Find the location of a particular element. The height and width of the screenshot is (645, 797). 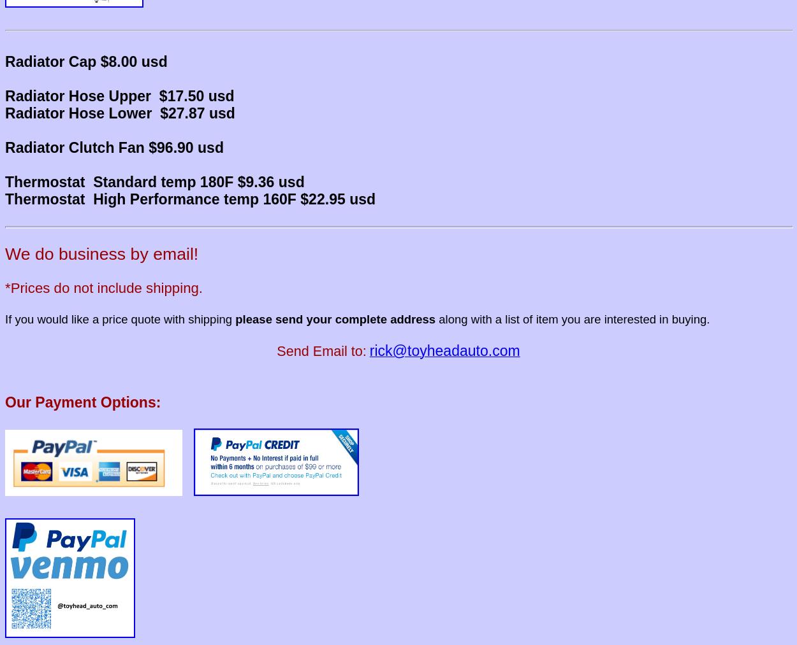

'We do business
                        by email!' is located at coordinates (101, 253).